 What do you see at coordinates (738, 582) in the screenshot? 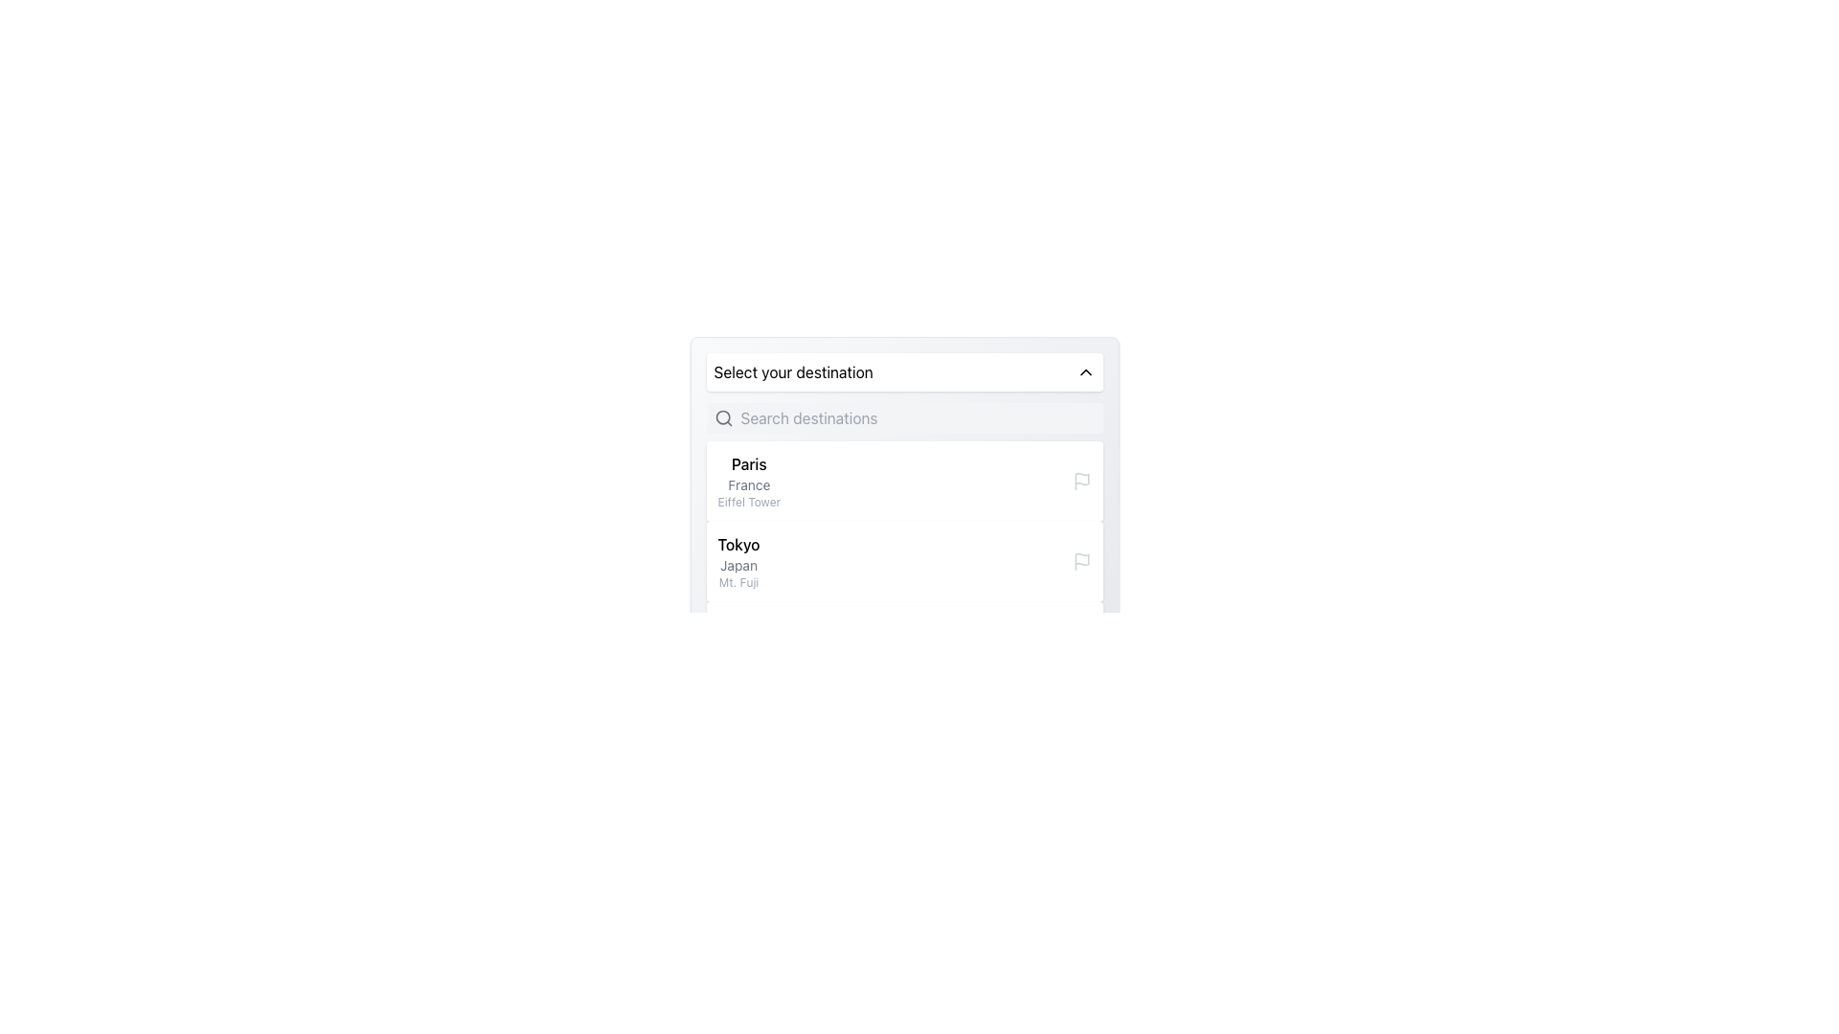
I see `the informational text label for 'Tokyo' that mentions 'Mt. Fuji', which is located below the 'Paris' entry in the list of locations` at bounding box center [738, 582].